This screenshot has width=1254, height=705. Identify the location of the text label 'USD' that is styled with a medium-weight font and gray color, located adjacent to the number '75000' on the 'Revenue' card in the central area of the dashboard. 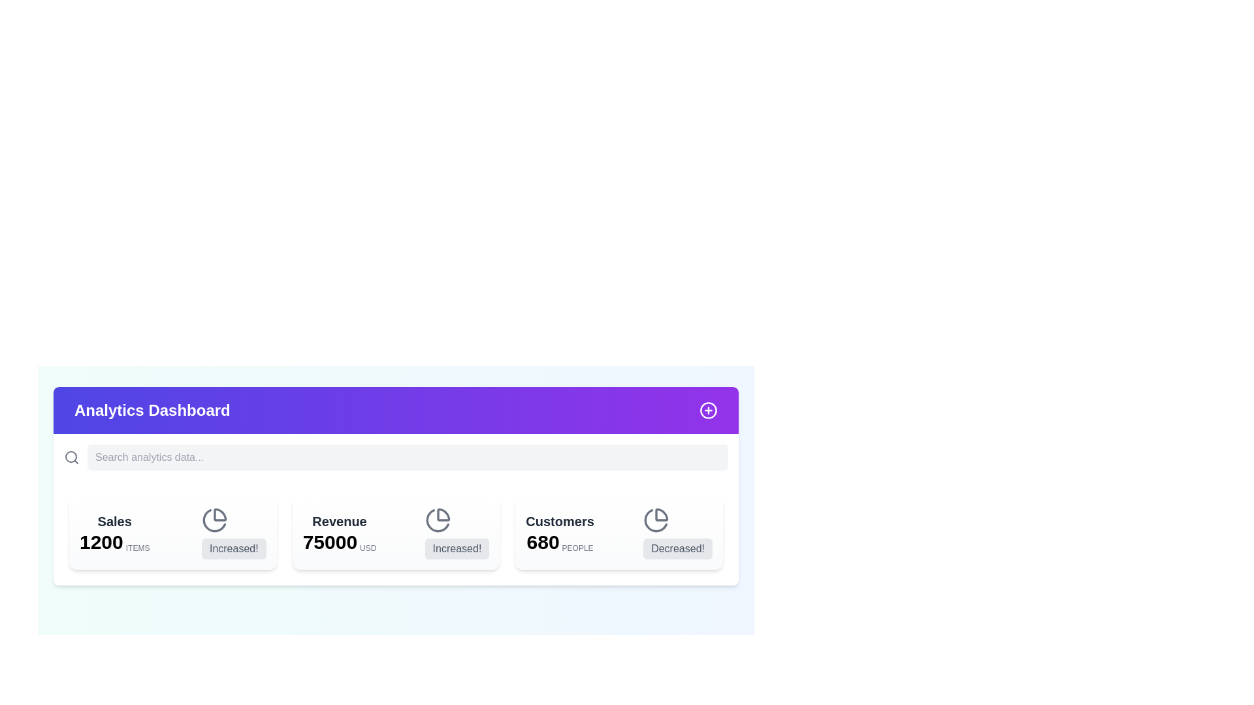
(367, 548).